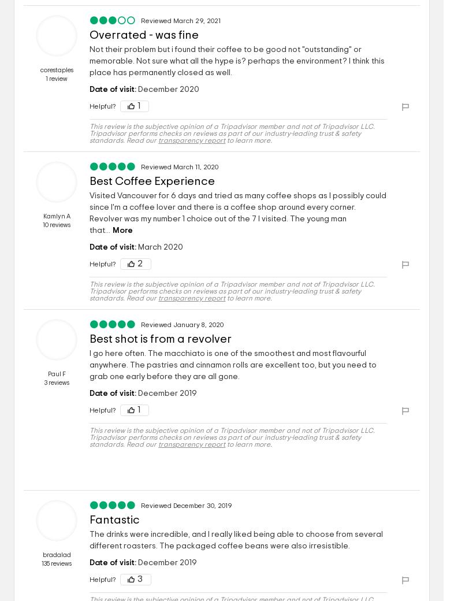  Describe the element at coordinates (114, 520) in the screenshot. I see `'Fantastic'` at that location.